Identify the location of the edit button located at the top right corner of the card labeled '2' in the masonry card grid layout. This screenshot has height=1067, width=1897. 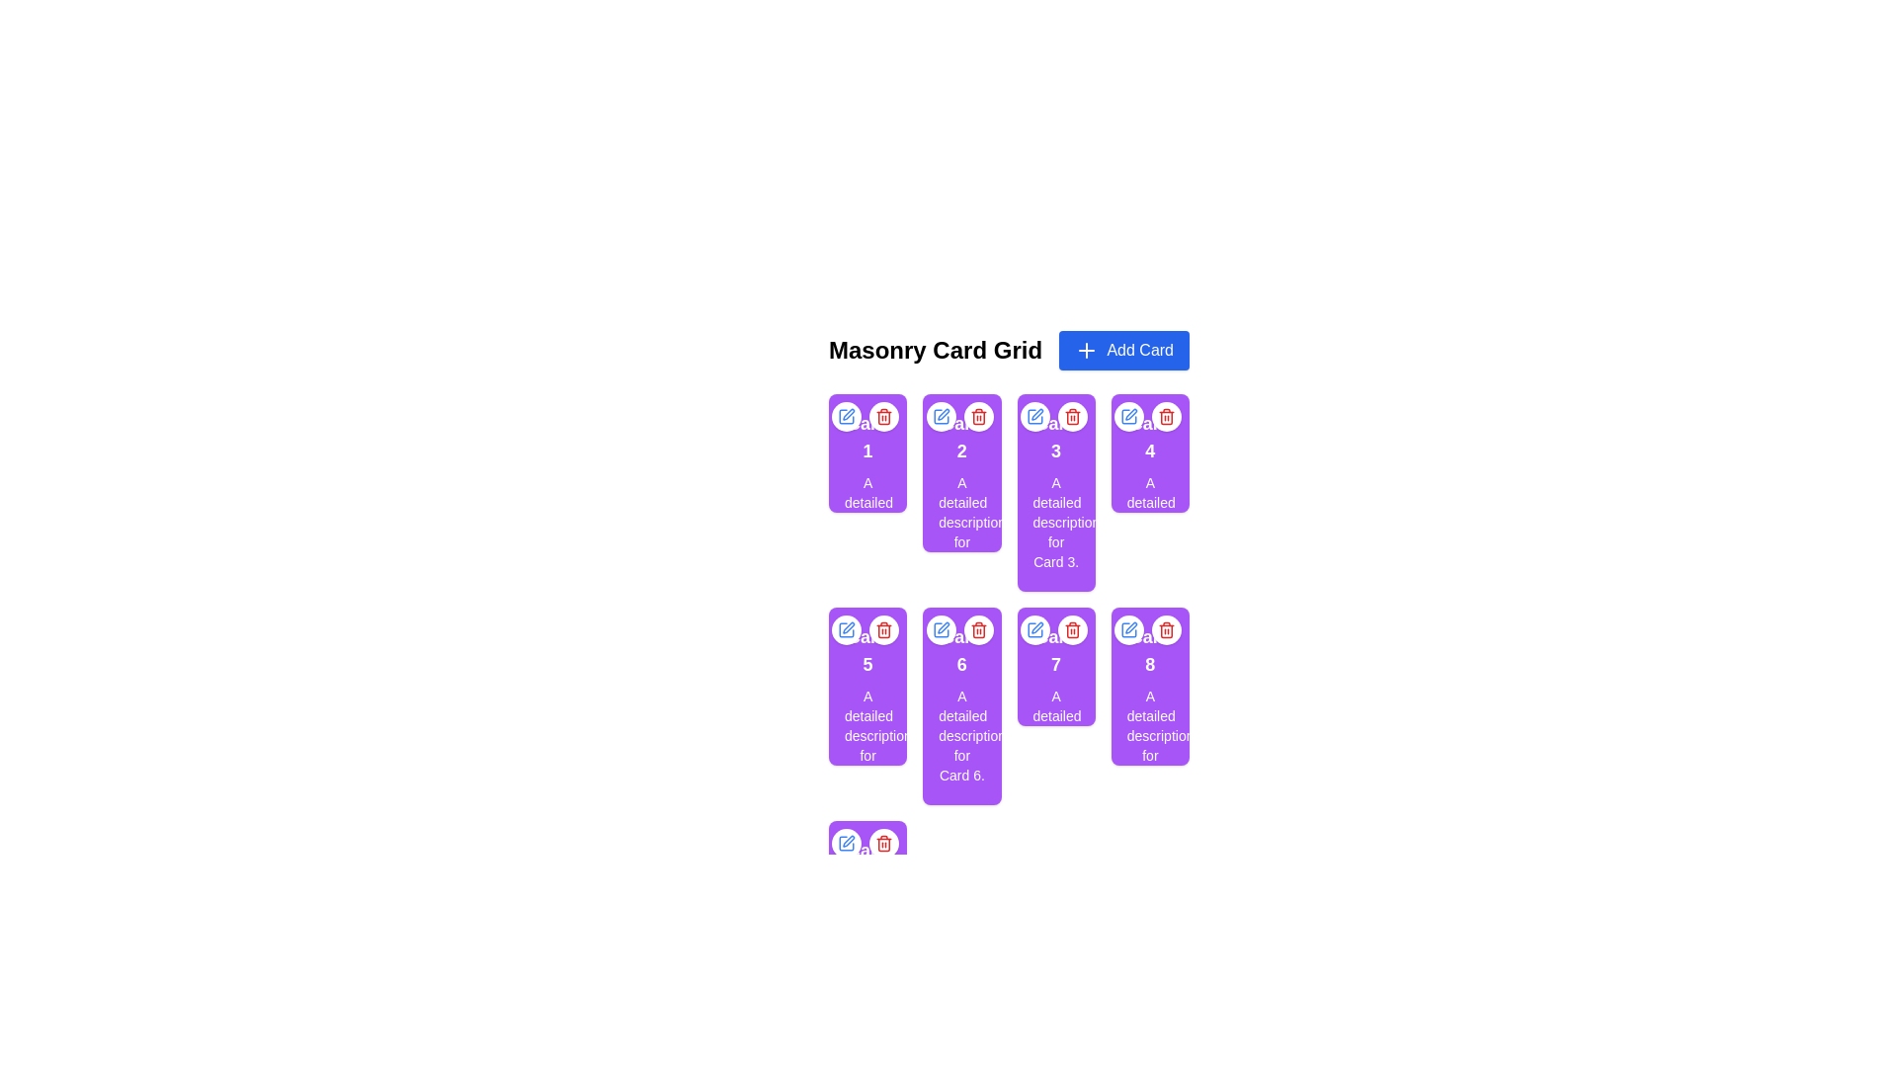
(940, 415).